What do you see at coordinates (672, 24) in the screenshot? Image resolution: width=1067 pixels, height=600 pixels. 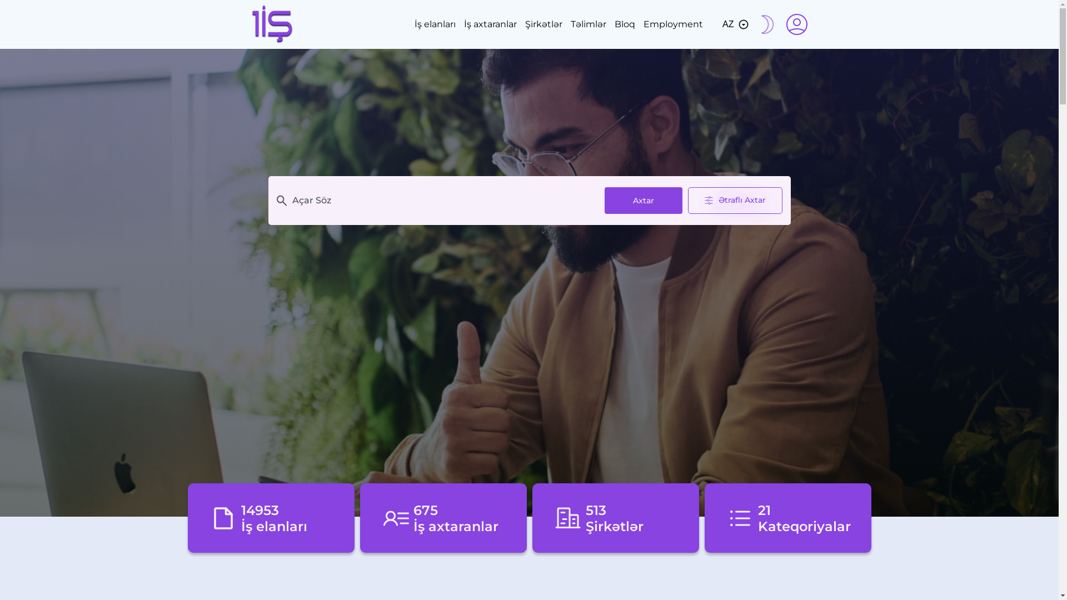 I see `'Employment'` at bounding box center [672, 24].